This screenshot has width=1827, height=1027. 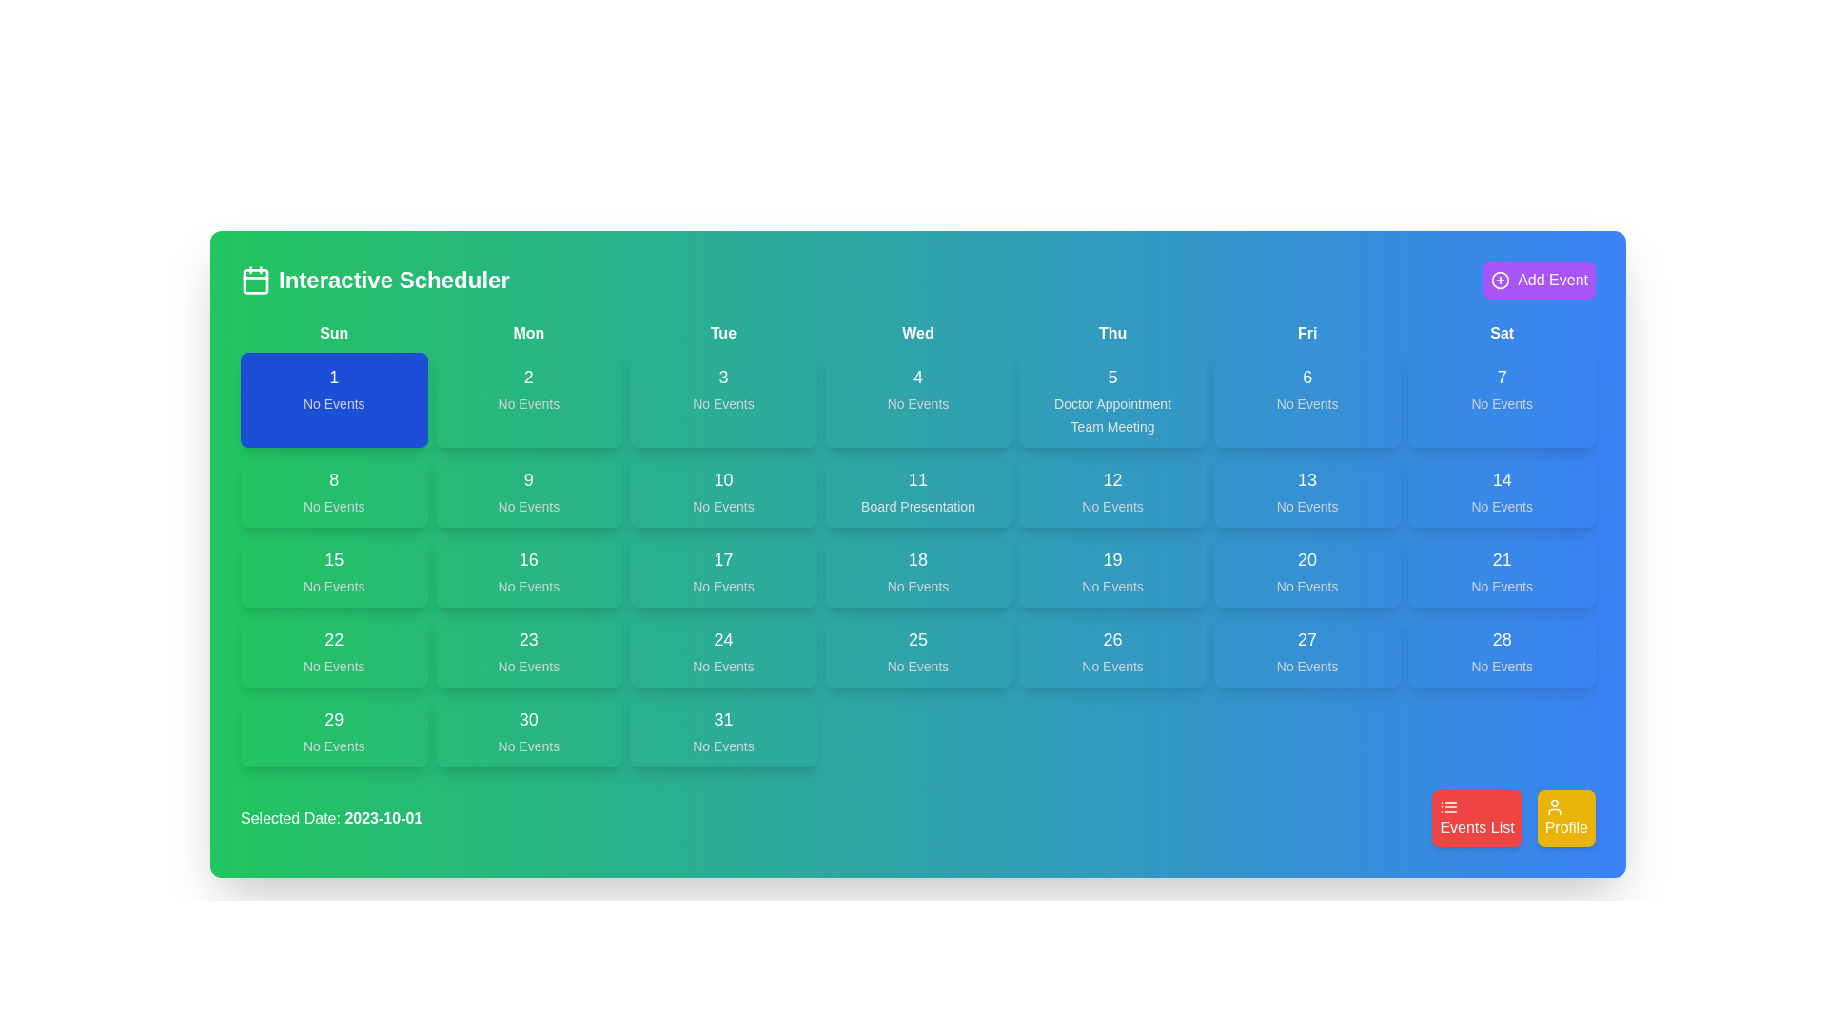 What do you see at coordinates (1501, 402) in the screenshot?
I see `the text label that states 'No Events', which is styled in gray and located beneath the text '7' in the calendar card for Saturday` at bounding box center [1501, 402].